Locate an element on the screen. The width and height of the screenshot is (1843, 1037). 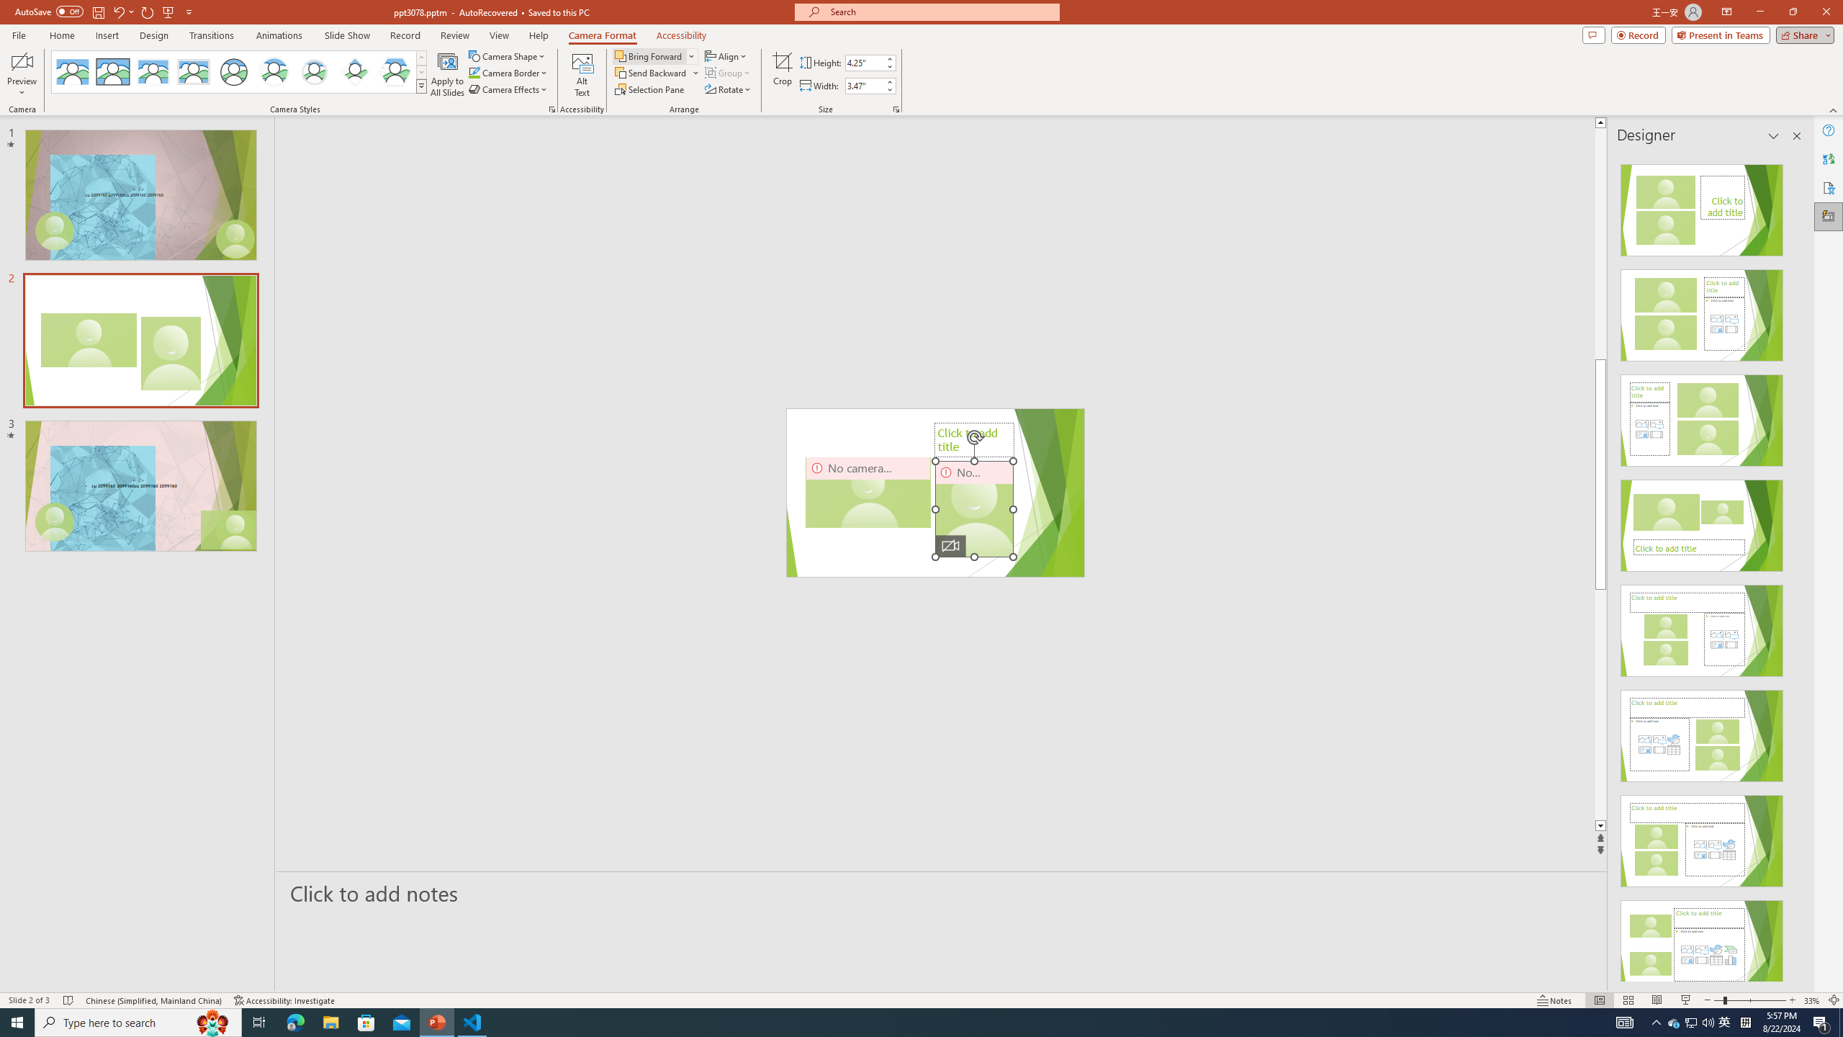
'Soft Edge Circle' is located at coordinates (314, 71).